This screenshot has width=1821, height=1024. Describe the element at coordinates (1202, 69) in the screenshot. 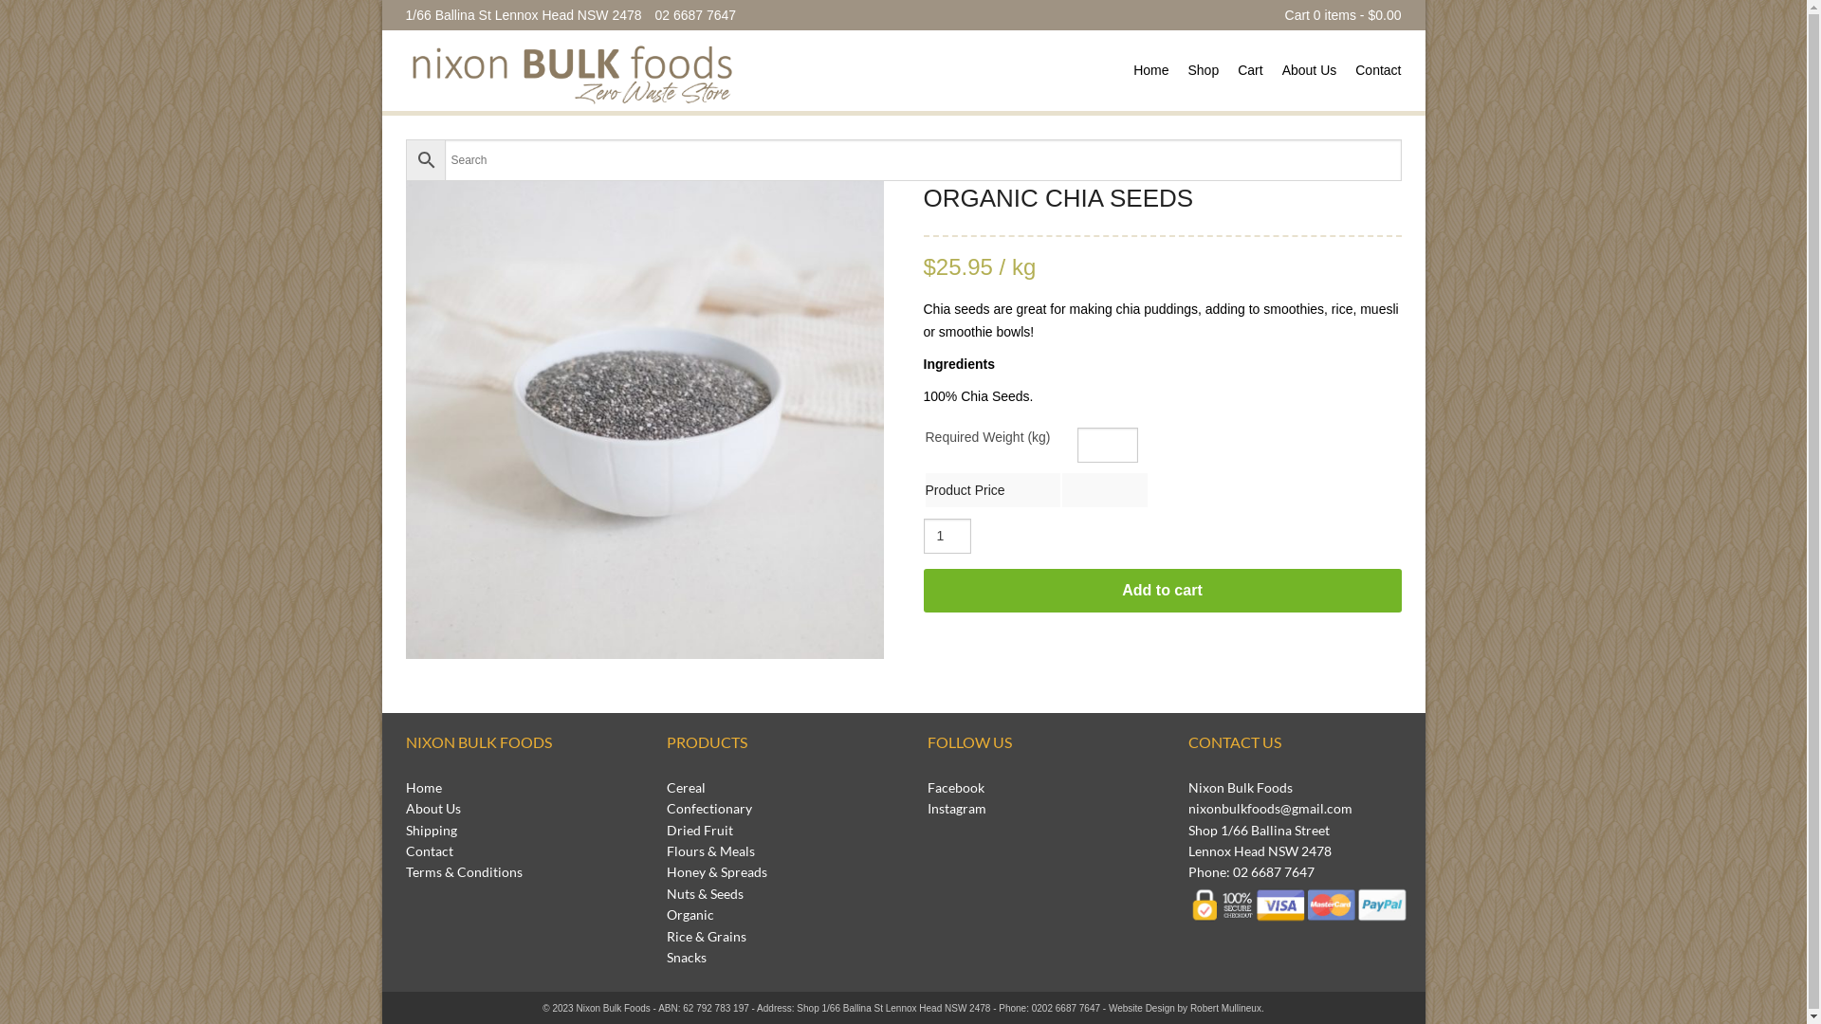

I see `'Shop'` at that location.